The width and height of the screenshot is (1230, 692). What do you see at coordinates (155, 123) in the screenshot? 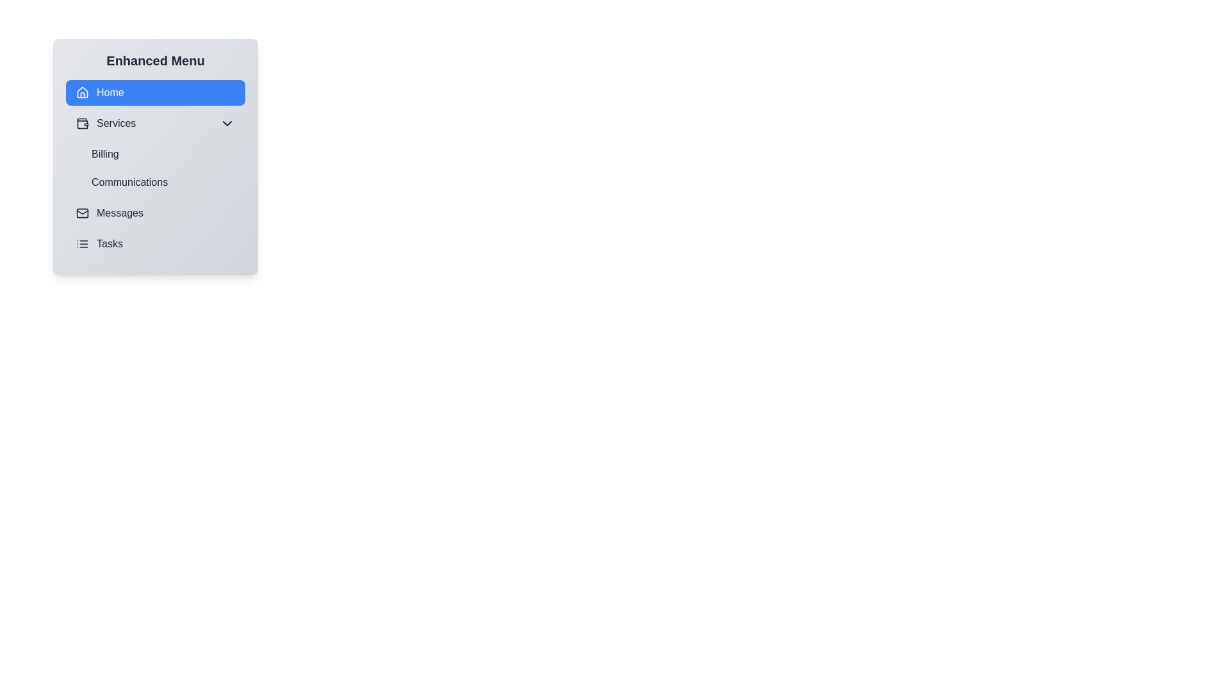
I see `the 'Services' button` at bounding box center [155, 123].